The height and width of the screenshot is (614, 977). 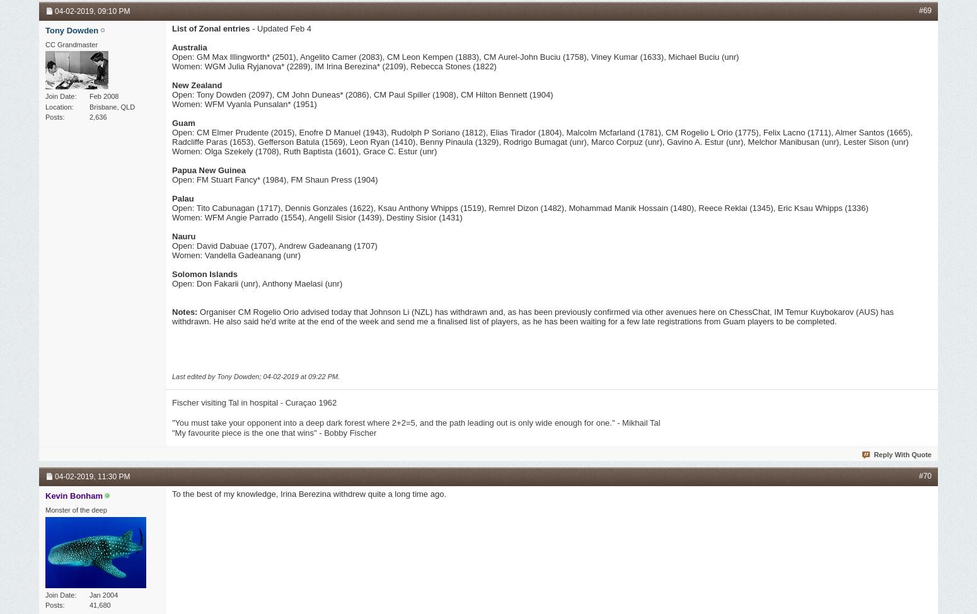 What do you see at coordinates (415, 423) in the screenshot?
I see `'"You must take your opponent into a deep dark forest where 2+2=5, and the path leading out is only wide enough for one." - Mikhail Tal'` at bounding box center [415, 423].